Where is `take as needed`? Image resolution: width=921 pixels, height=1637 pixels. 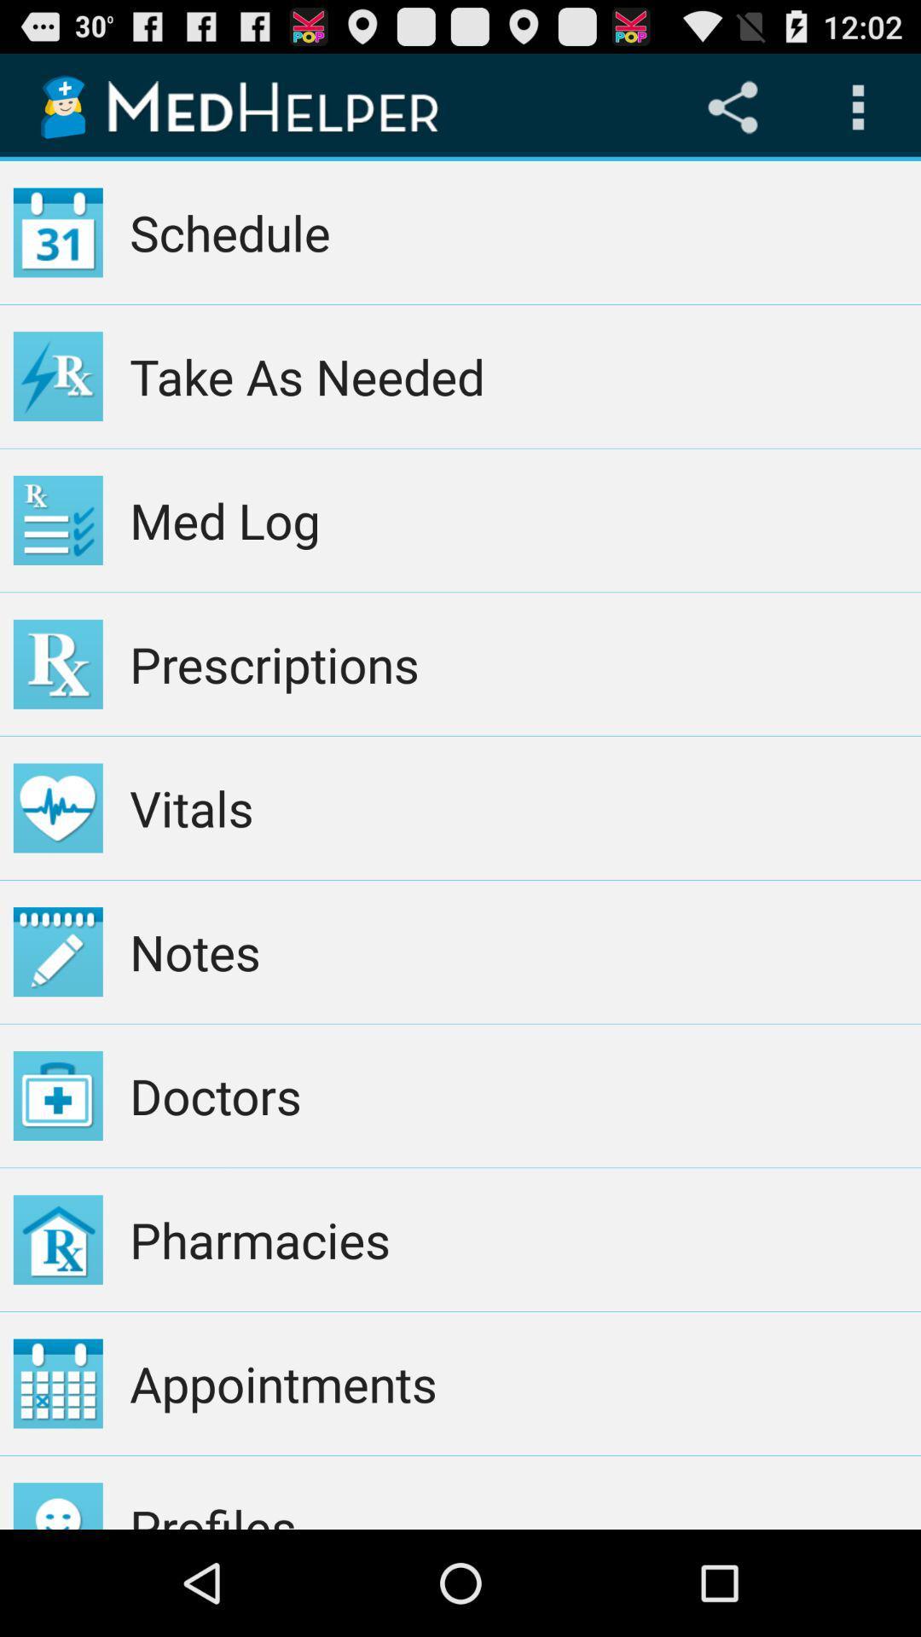 take as needed is located at coordinates (518, 375).